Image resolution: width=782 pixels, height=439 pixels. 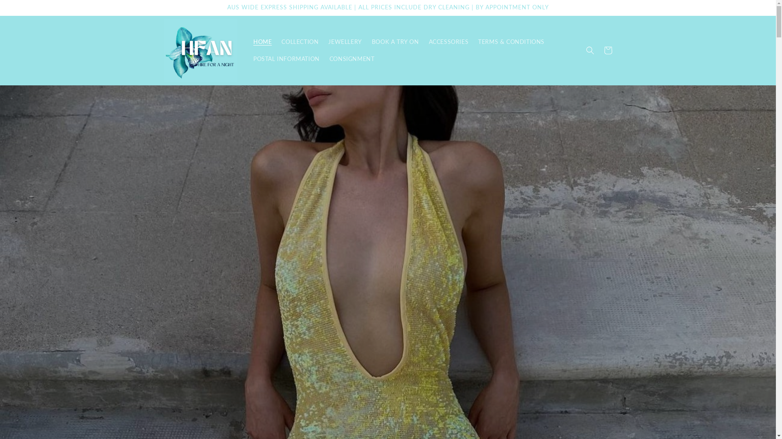 I want to click on 'JEWELLERY', so click(x=345, y=42).